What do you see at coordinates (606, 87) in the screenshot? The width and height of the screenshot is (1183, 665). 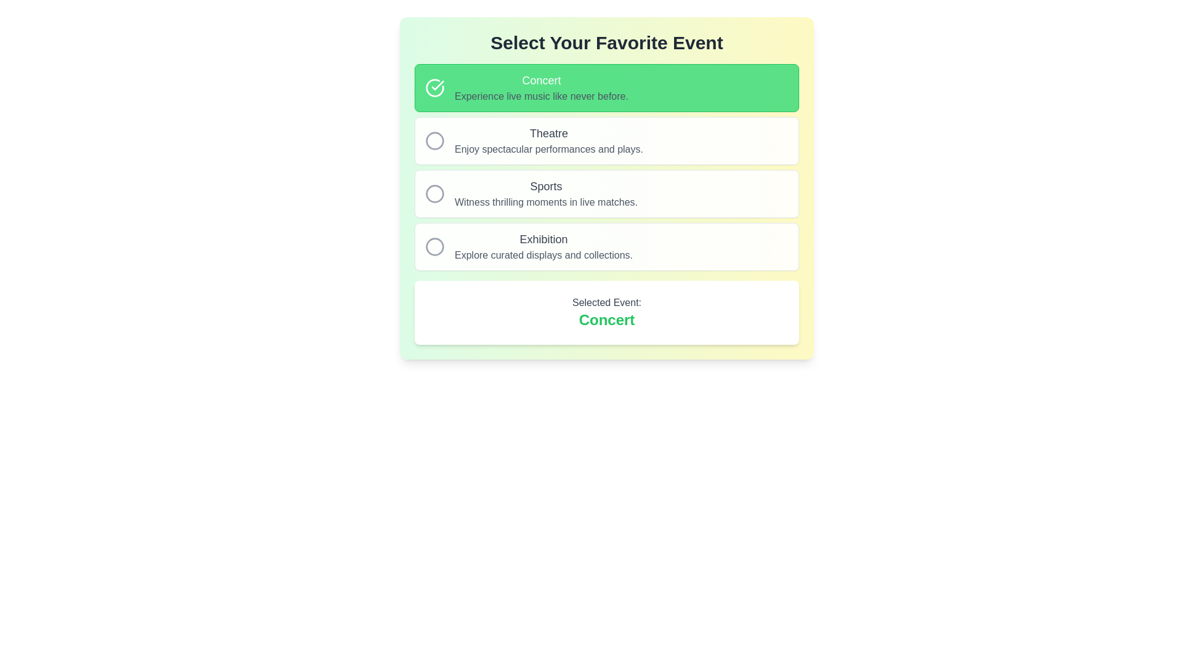 I see `the interactive selection button labeled 'Concert' with a green background and a white checkmark icon` at bounding box center [606, 87].